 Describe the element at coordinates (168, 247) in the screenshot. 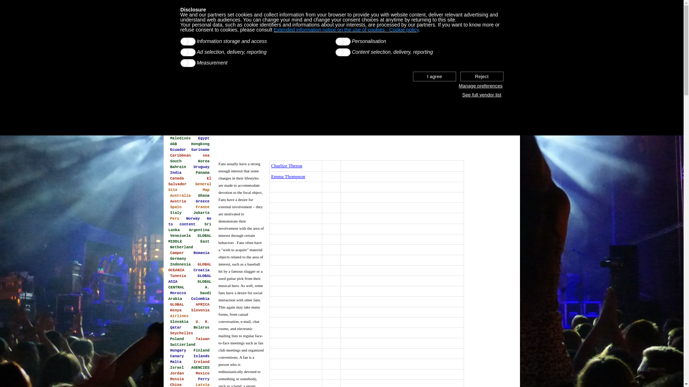

I see `'Netherland'` at that location.